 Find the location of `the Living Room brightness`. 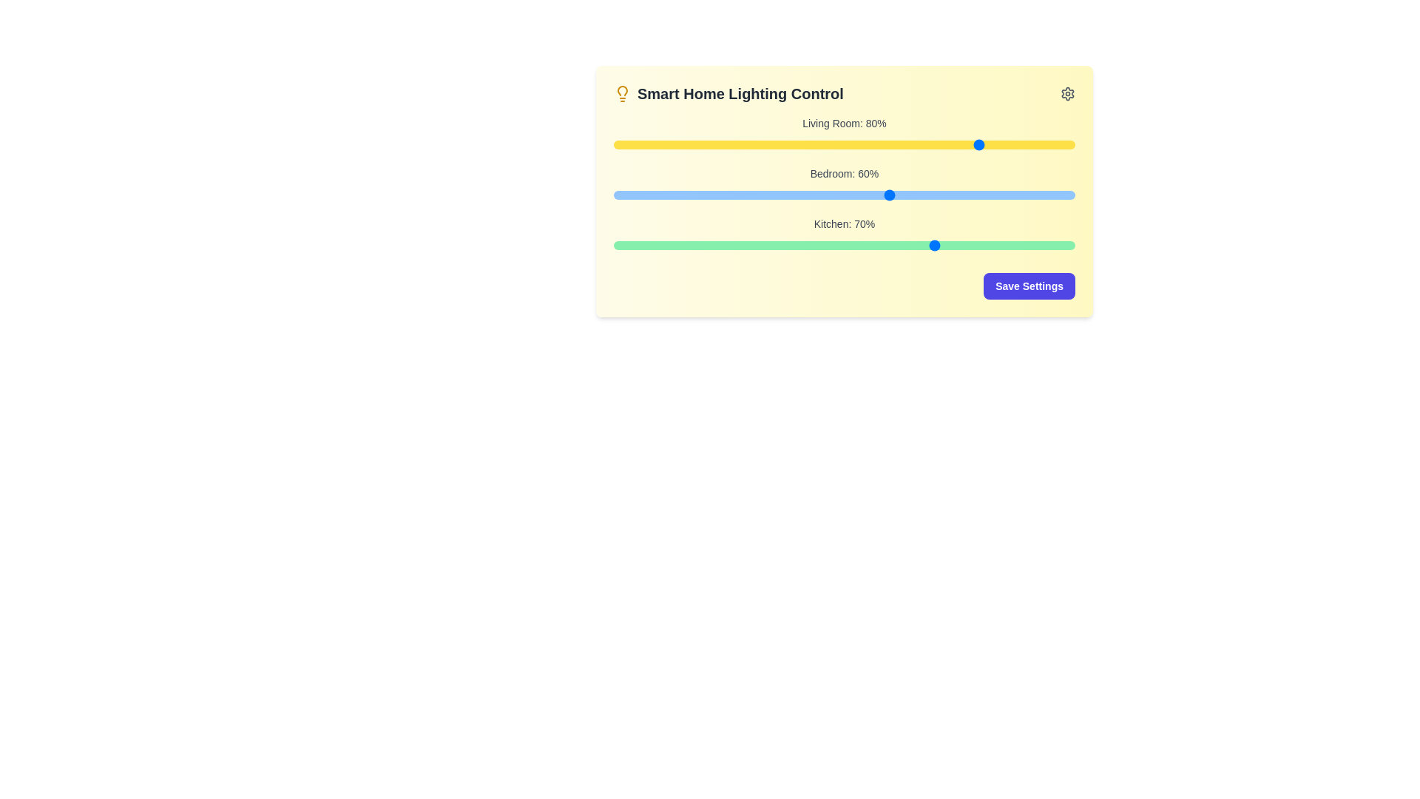

the Living Room brightness is located at coordinates (945, 145).